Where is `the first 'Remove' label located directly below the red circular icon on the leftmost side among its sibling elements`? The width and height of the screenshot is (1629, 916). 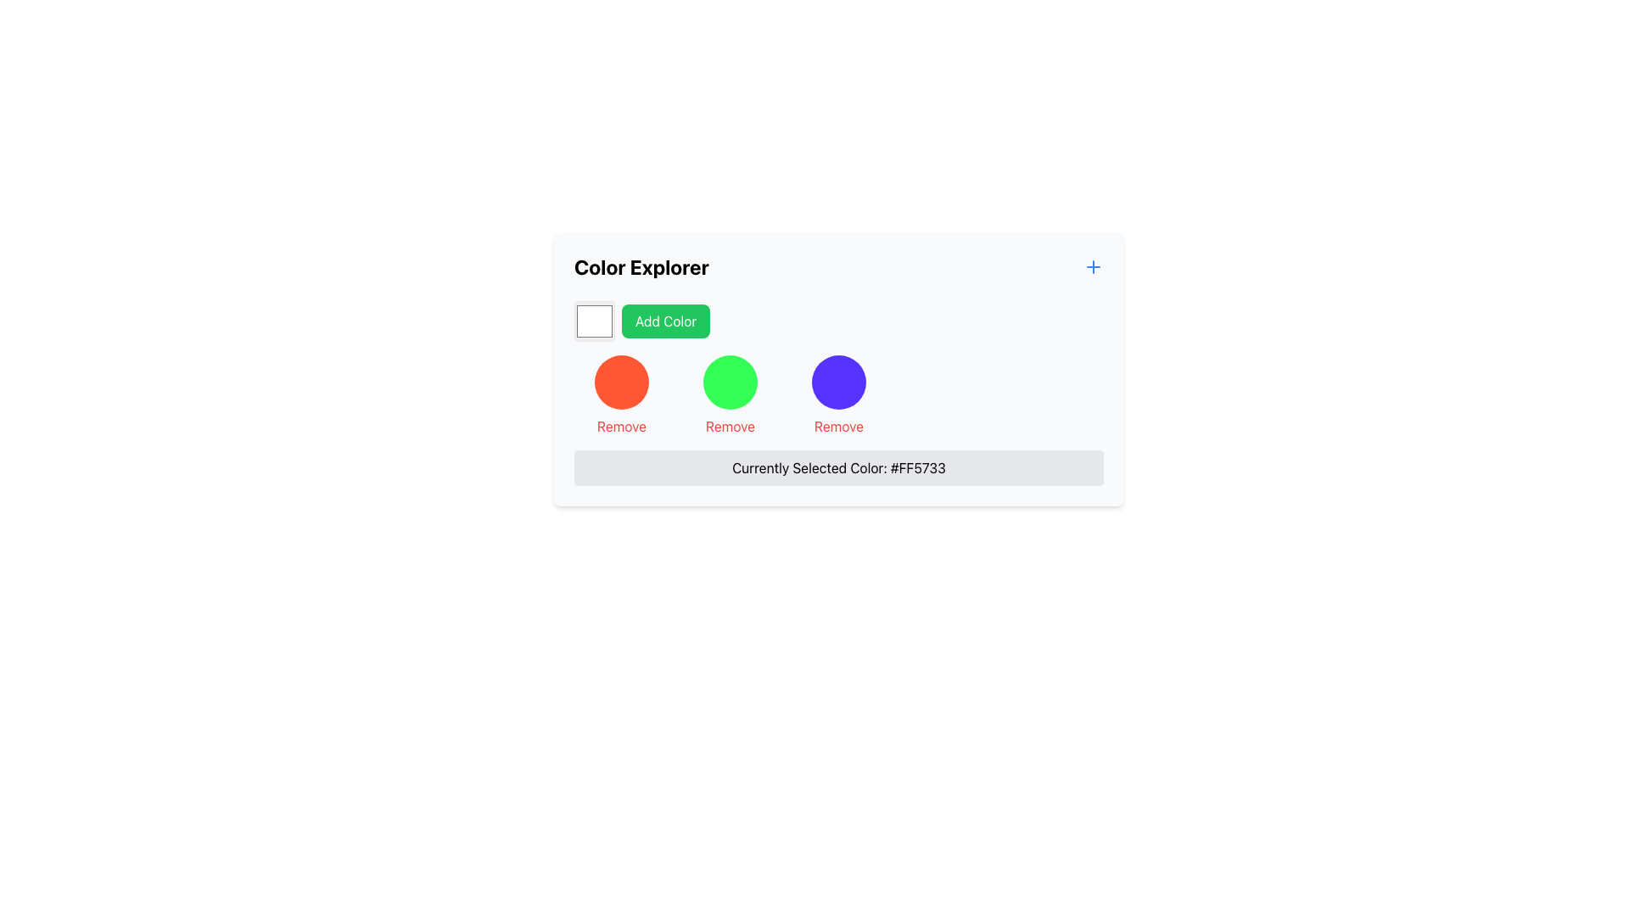
the first 'Remove' label located directly below the red circular icon on the leftmost side among its sibling elements is located at coordinates (621, 425).